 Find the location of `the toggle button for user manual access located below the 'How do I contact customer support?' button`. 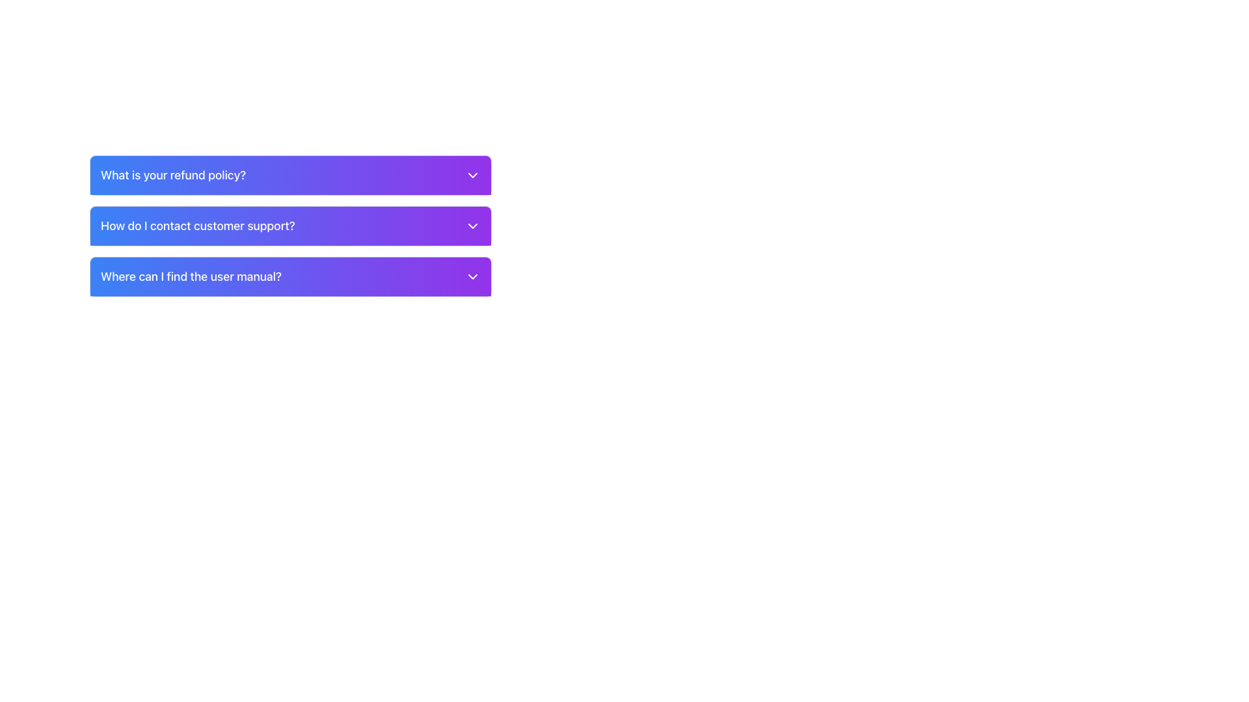

the toggle button for user manual access located below the 'How do I contact customer support?' button is located at coordinates (289, 276).